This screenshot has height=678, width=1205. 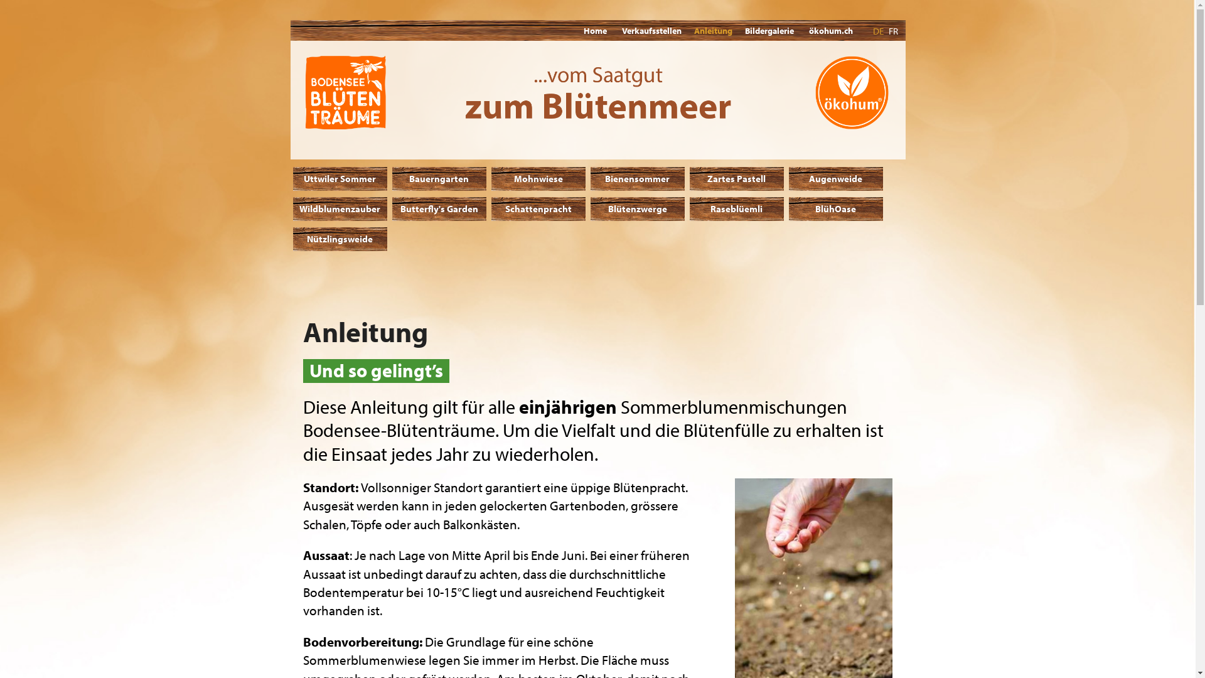 What do you see at coordinates (651, 31) in the screenshot?
I see `'Verkaufsstellen'` at bounding box center [651, 31].